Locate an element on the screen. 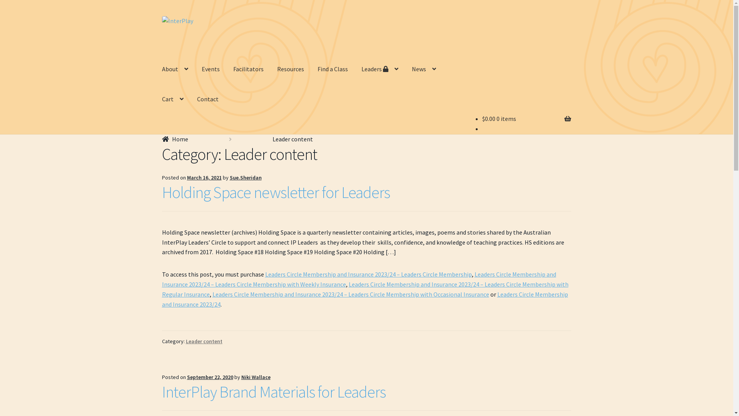  'Home' is located at coordinates (175, 139).